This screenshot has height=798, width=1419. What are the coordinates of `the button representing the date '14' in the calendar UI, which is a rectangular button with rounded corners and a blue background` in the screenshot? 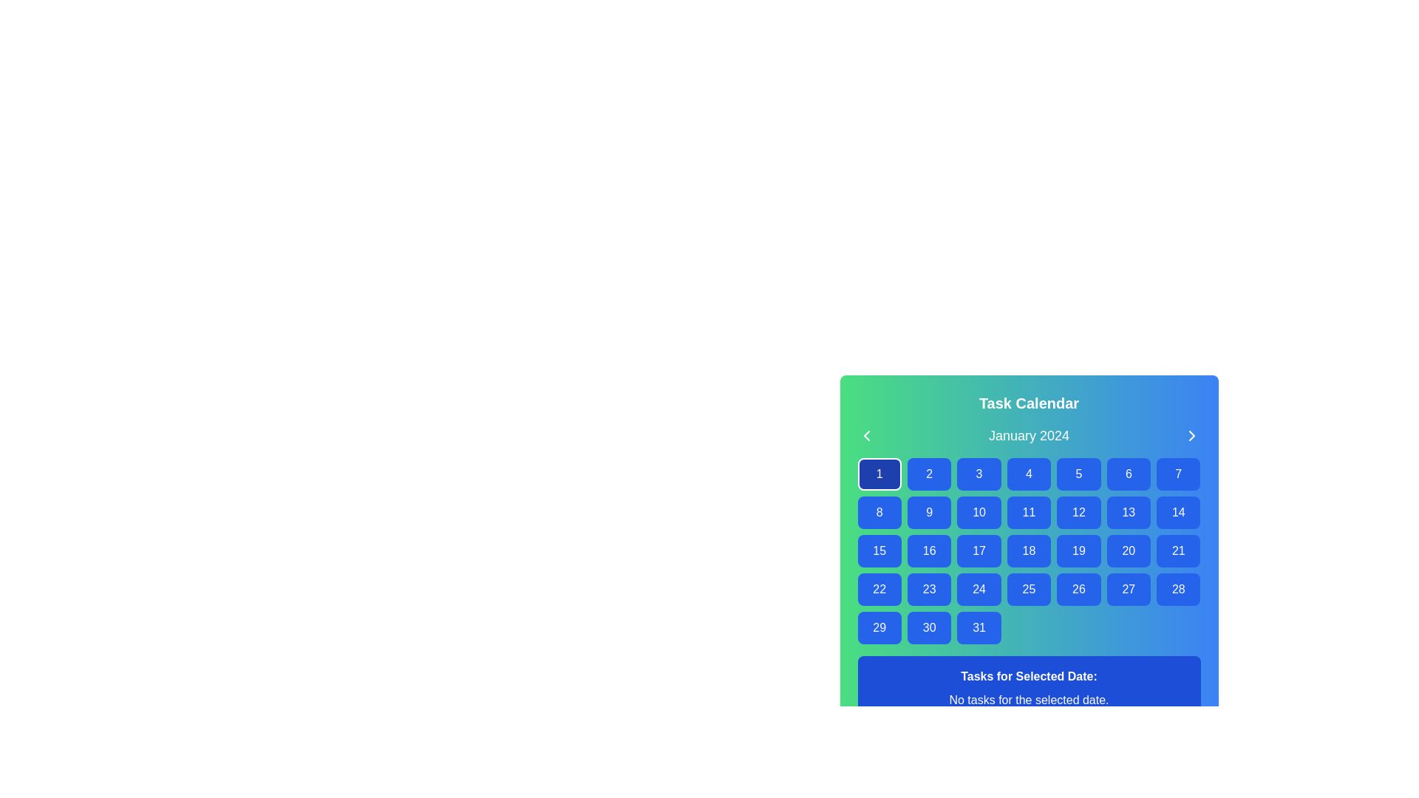 It's located at (1177, 512).